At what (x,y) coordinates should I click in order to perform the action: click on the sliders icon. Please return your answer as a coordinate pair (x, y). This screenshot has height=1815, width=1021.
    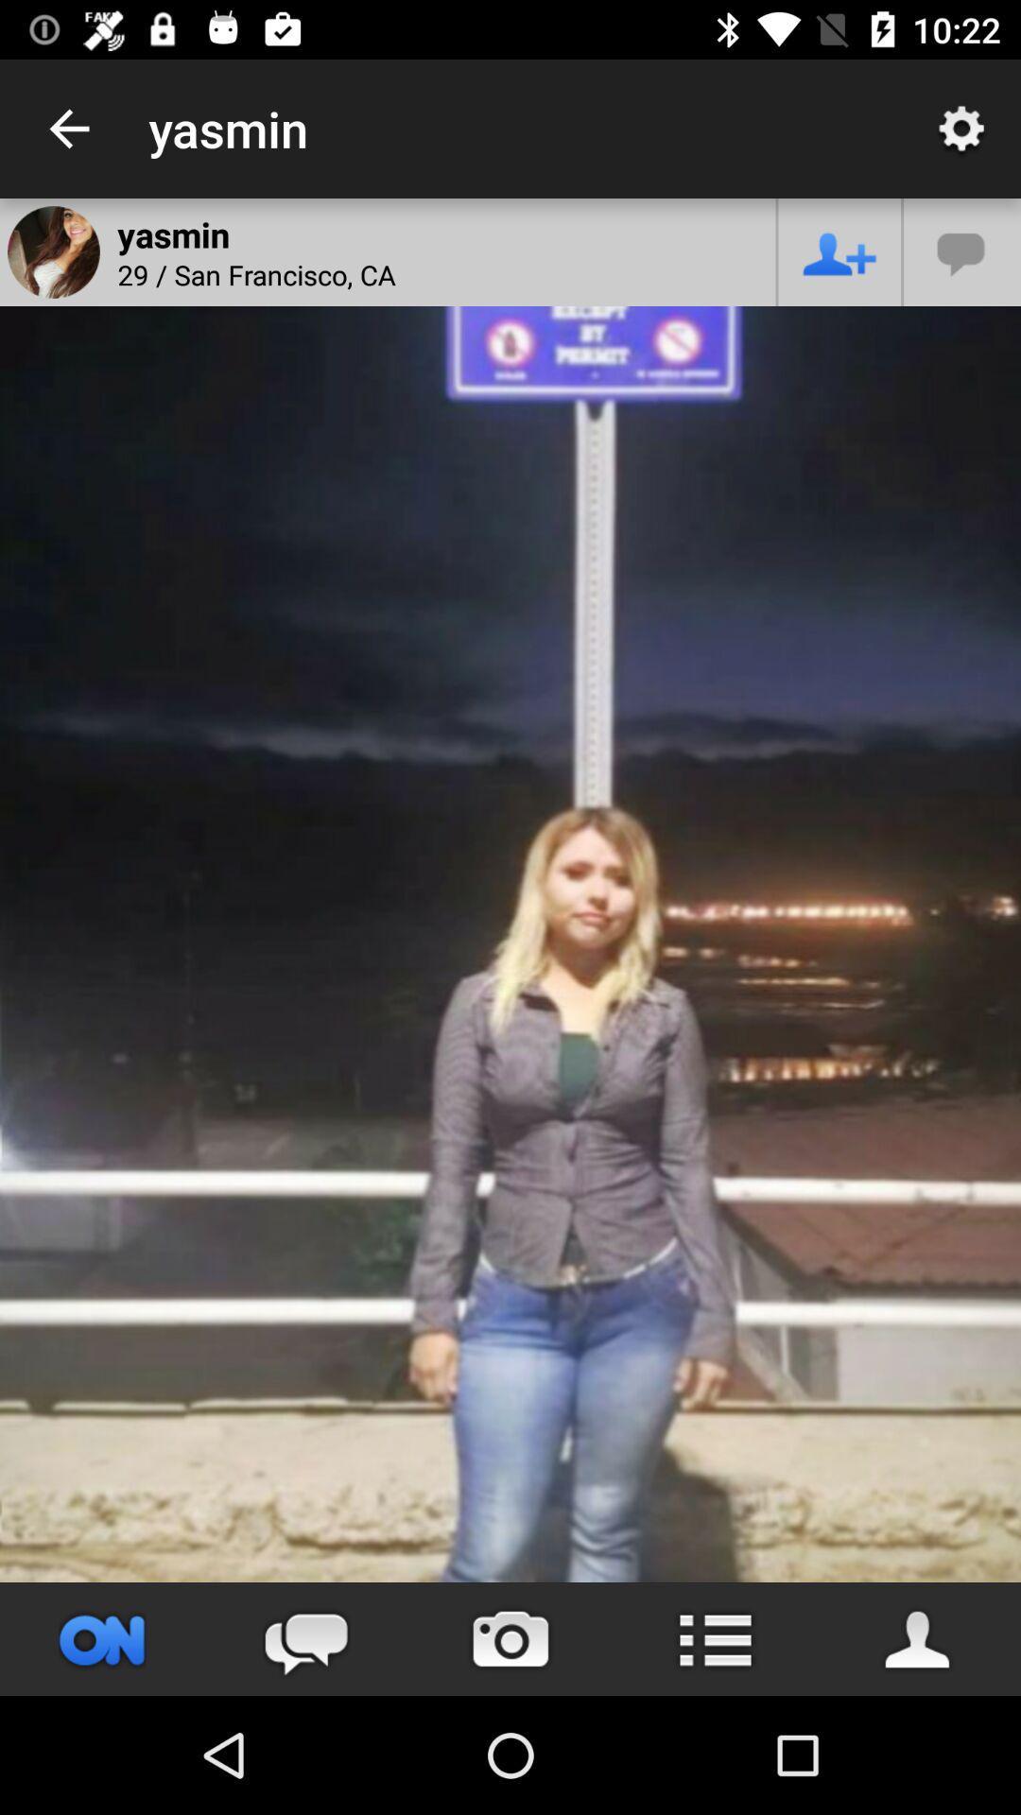
    Looking at the image, I should click on (102, 1638).